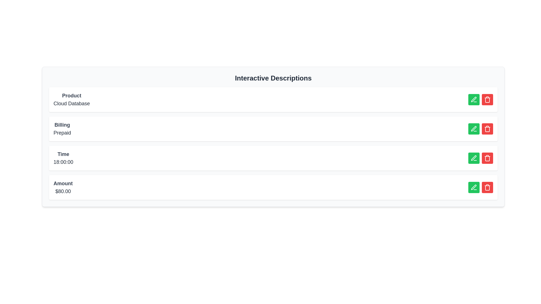 Image resolution: width=541 pixels, height=304 pixels. I want to click on the button group containing the green 'Edit' button and the red 'Remove' button, so click(480, 99).